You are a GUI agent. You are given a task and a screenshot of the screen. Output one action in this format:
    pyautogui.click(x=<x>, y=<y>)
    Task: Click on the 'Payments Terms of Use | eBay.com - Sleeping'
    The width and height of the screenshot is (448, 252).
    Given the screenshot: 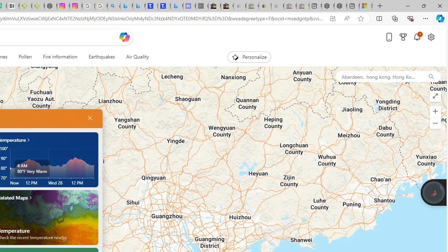 What is the action you would take?
    pyautogui.click(x=277, y=6)
    